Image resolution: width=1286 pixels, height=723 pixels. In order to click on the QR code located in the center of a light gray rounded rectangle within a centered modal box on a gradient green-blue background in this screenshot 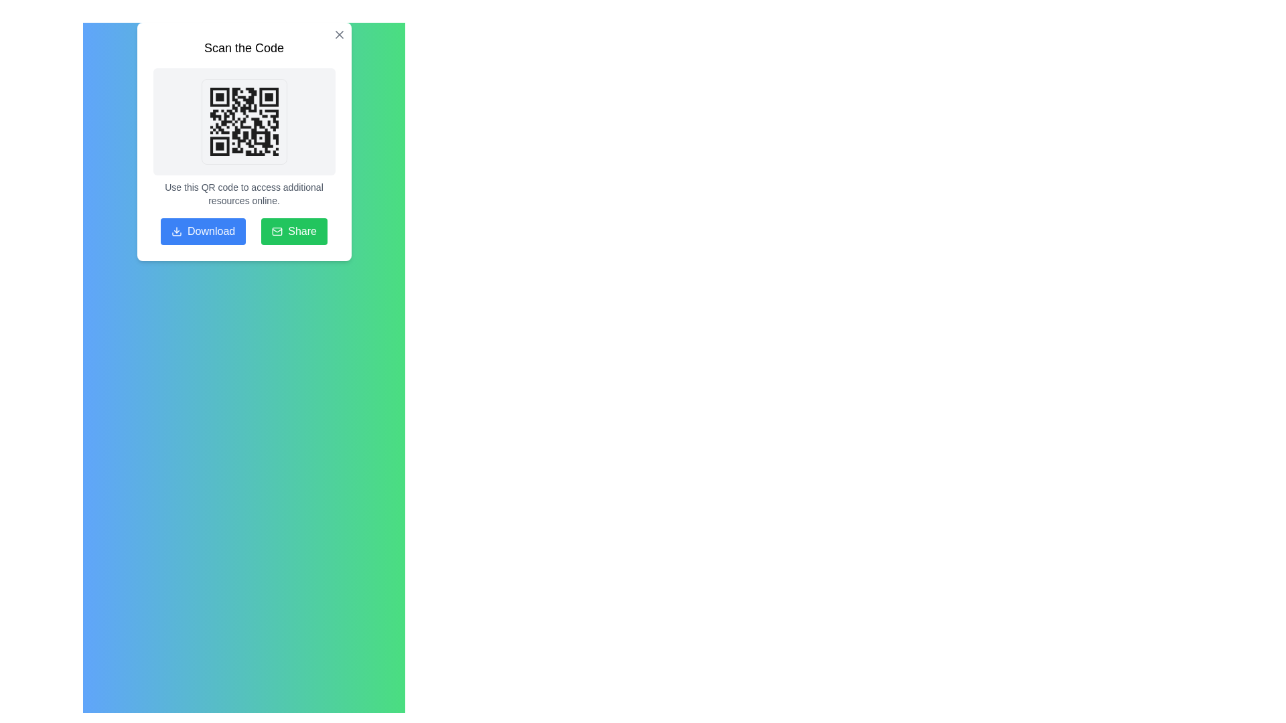, I will do `click(244, 121)`.